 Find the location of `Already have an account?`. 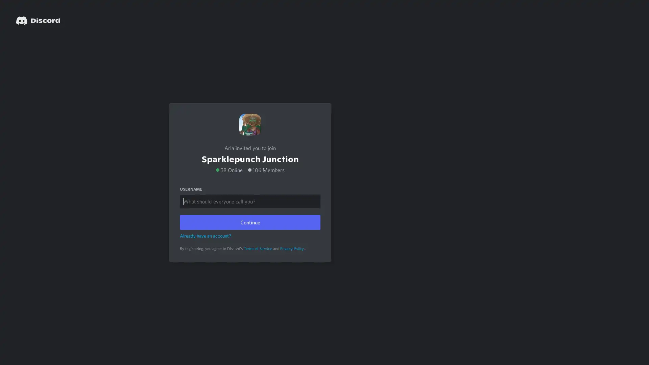

Already have an account? is located at coordinates (205, 235).